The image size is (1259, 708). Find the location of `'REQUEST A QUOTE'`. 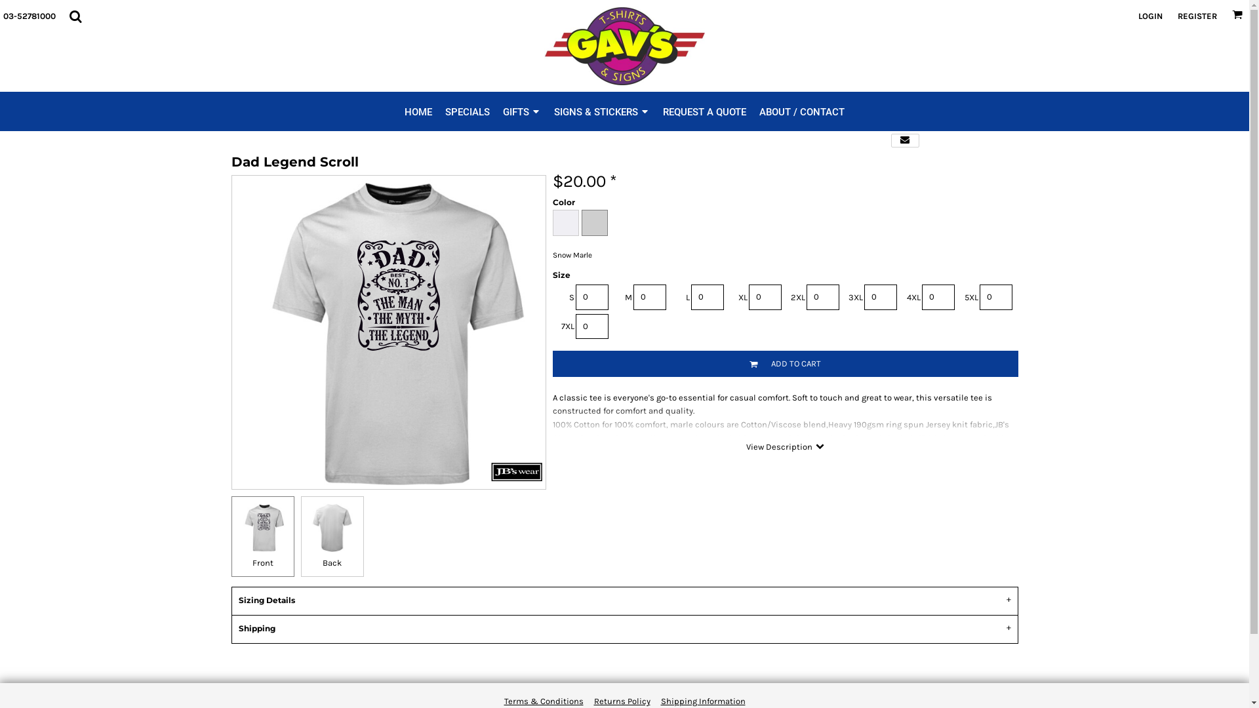

'REQUEST A QUOTE' is located at coordinates (704, 110).